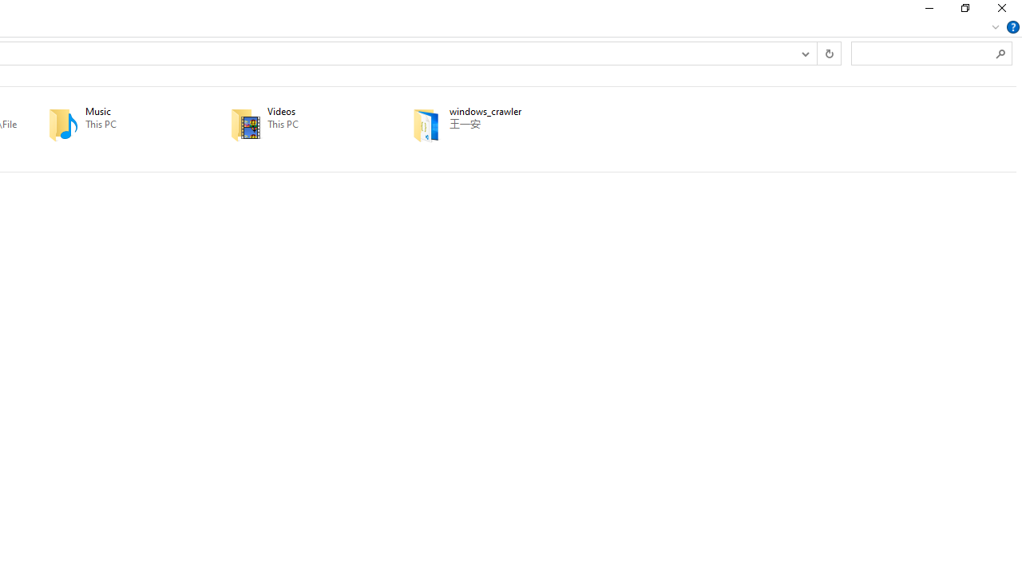 This screenshot has height=575, width=1022. What do you see at coordinates (1012, 26) in the screenshot?
I see `'Help'` at bounding box center [1012, 26].